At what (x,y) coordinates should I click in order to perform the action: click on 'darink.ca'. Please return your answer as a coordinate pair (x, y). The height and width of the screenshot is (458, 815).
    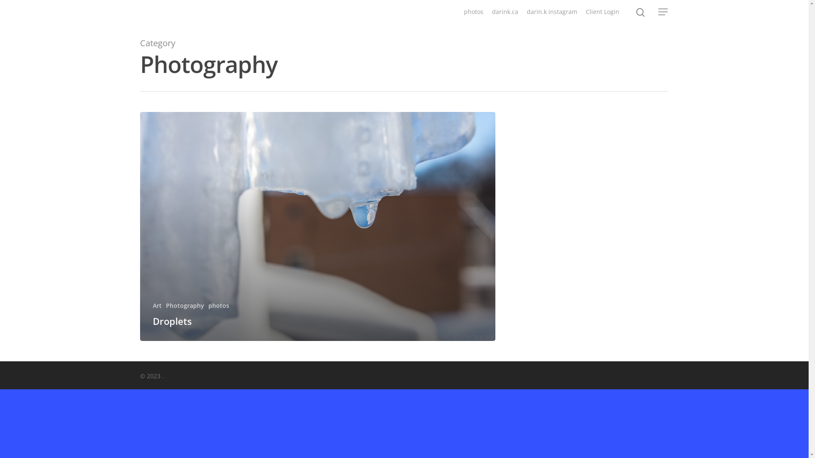
    Looking at the image, I should click on (505, 11).